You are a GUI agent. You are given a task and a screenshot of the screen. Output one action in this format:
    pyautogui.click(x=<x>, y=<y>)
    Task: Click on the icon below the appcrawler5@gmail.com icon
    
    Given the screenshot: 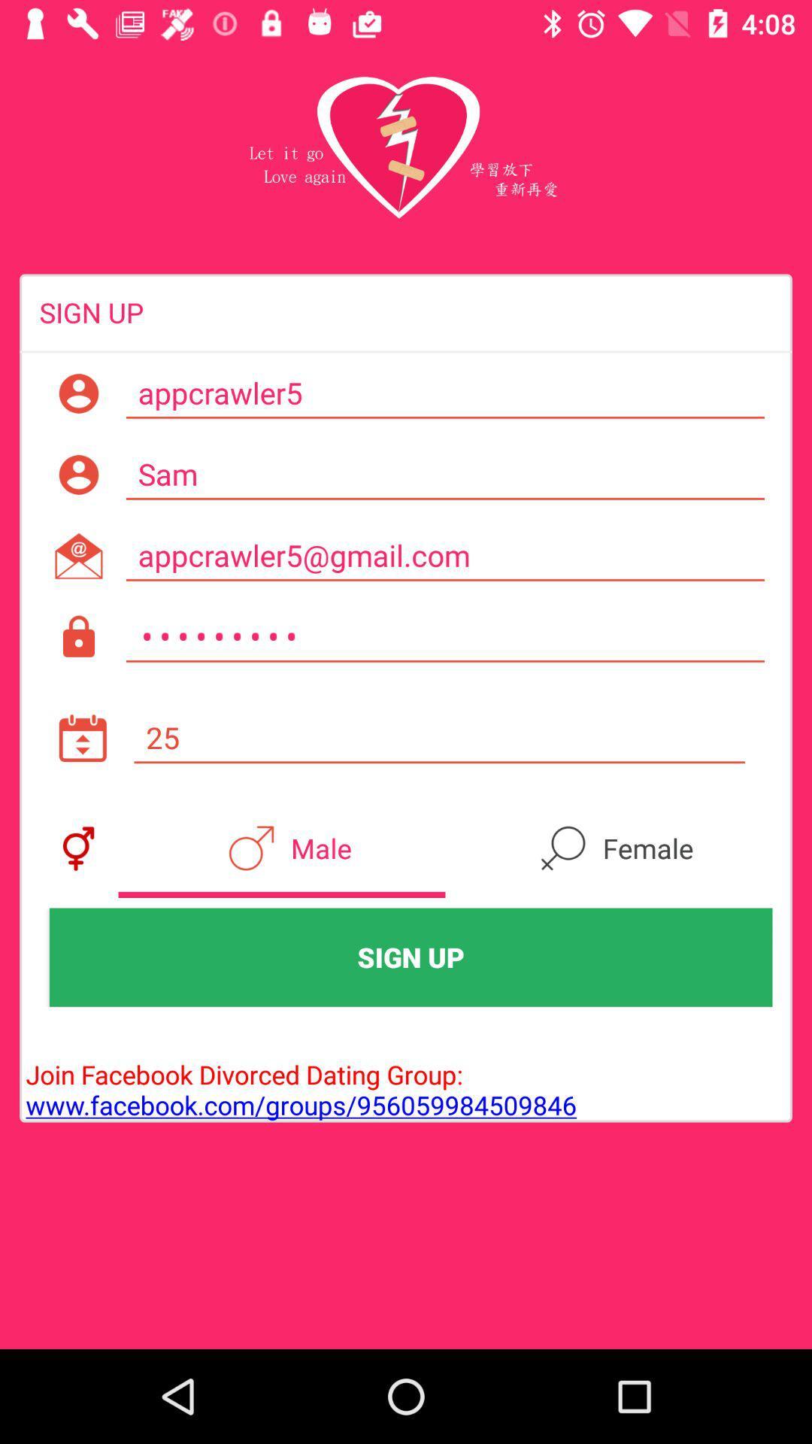 What is the action you would take?
    pyautogui.click(x=444, y=637)
    